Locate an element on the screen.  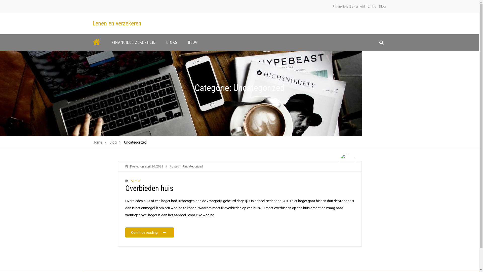
'LINKS' is located at coordinates (172, 42).